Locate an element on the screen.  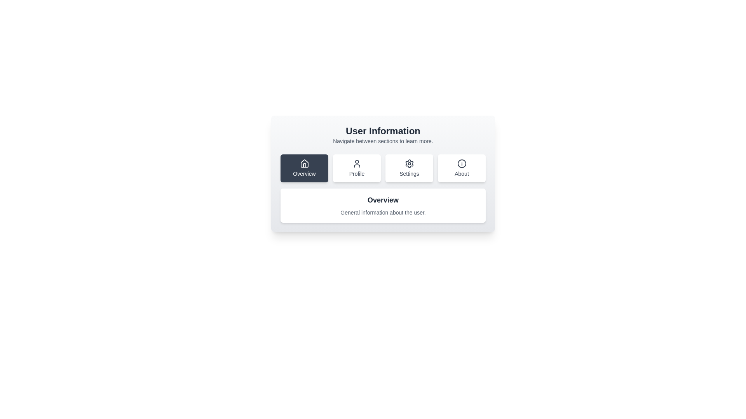
the informational block titled 'User Information' which provides guidance to navigate between sections is located at coordinates (383, 134).